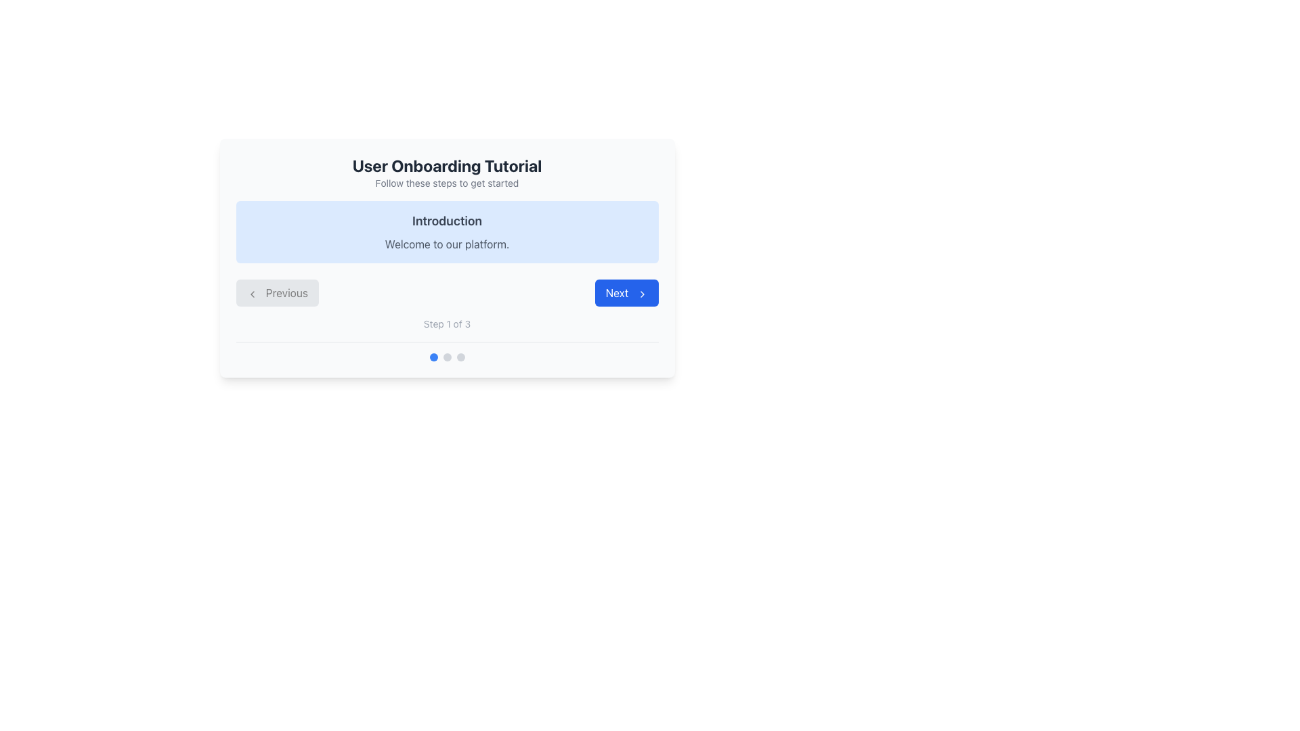 This screenshot has width=1300, height=731. What do you see at coordinates (252, 293) in the screenshot?
I see `the chevron icon indicating navigation to the previous step, located inside the 'Previous' button in the onboarding dialog` at bounding box center [252, 293].